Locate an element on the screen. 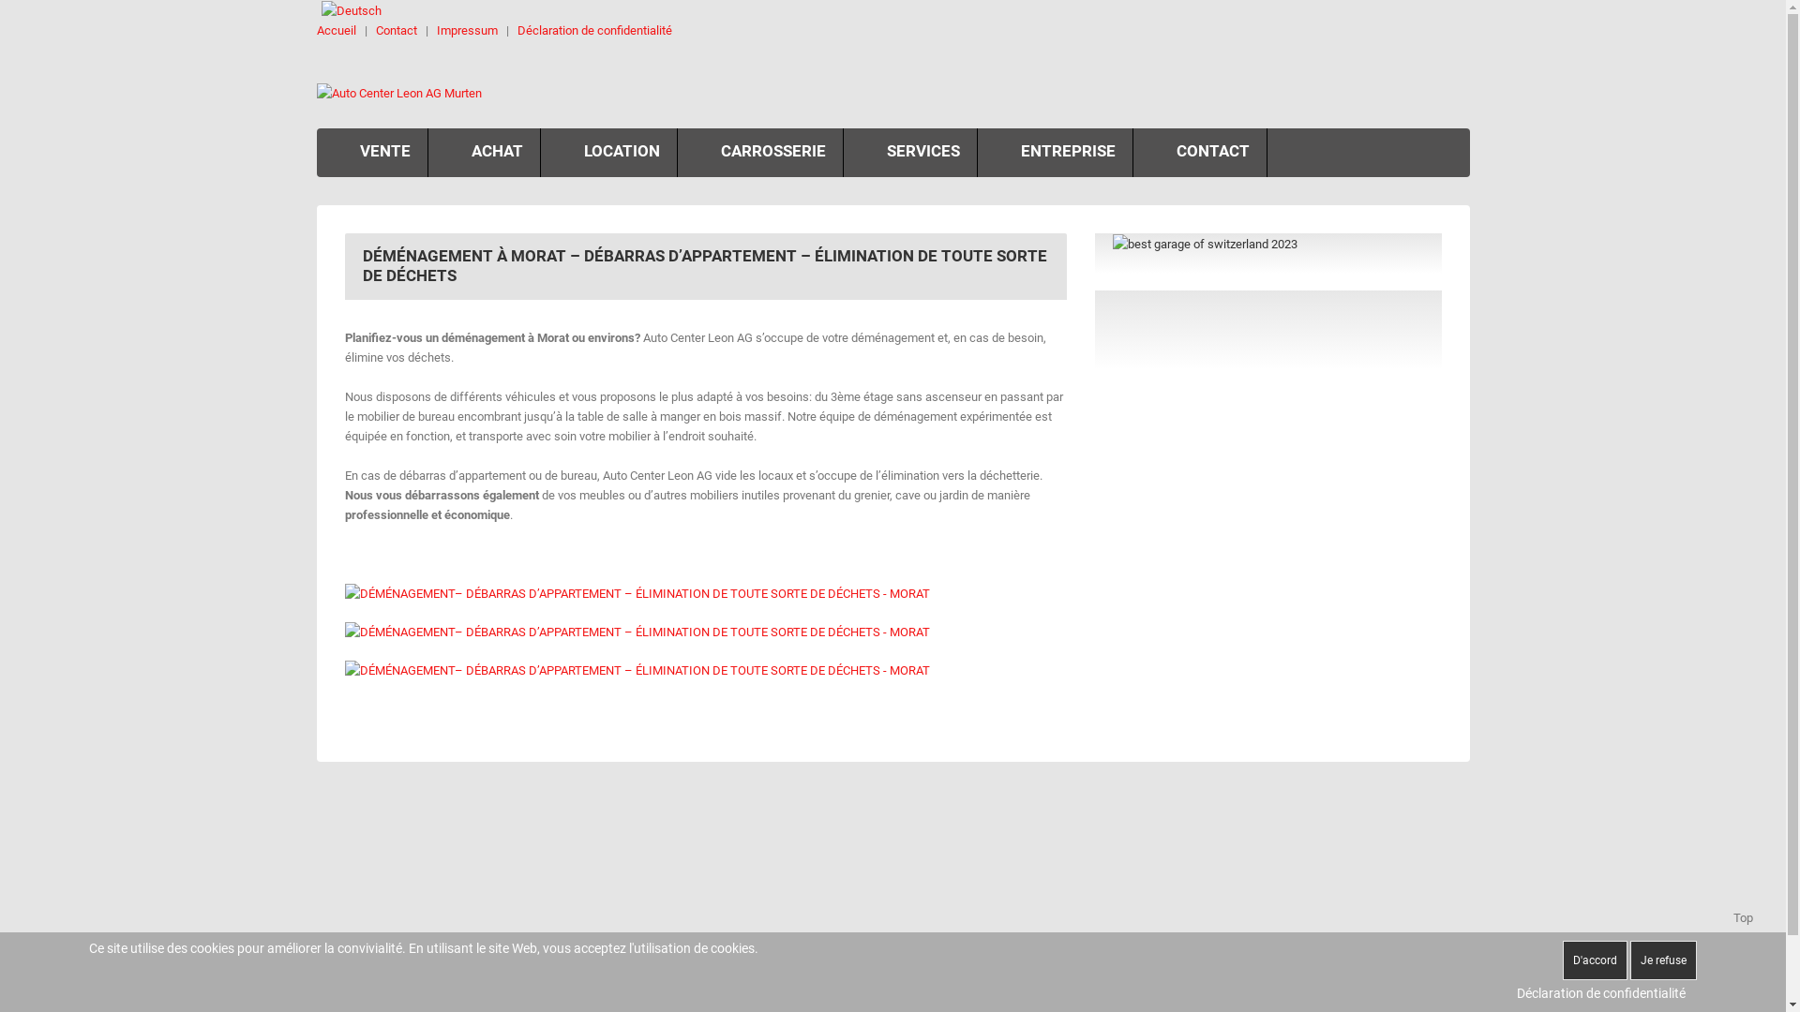  '026 672 21 21' is located at coordinates (753, 965).